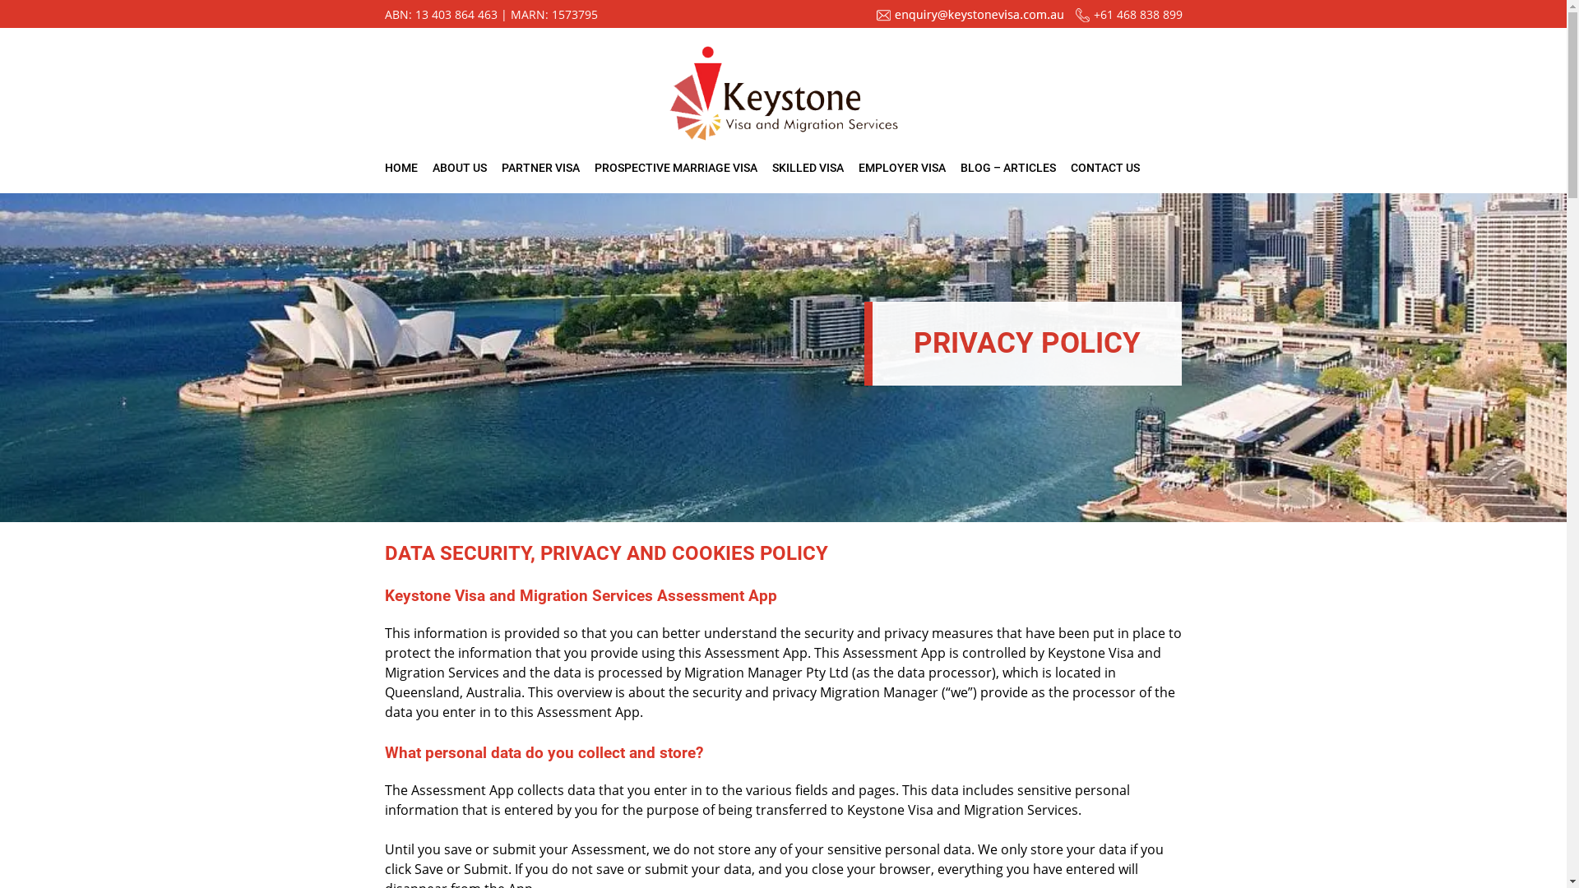 The width and height of the screenshot is (1579, 888). What do you see at coordinates (1137, 14) in the screenshot?
I see `'+61 468 838 899'` at bounding box center [1137, 14].